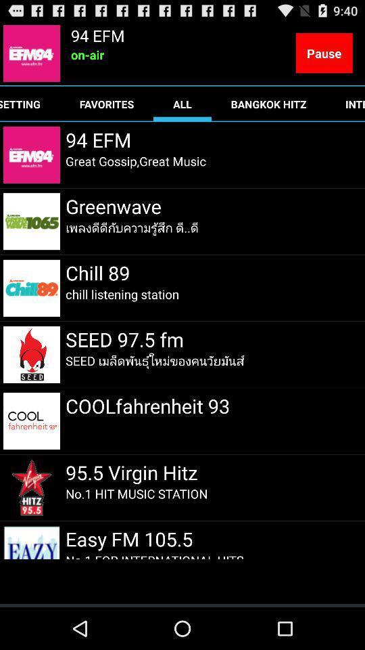 This screenshot has height=650, width=365. What do you see at coordinates (147, 406) in the screenshot?
I see `item above the 95 5 virgin app` at bounding box center [147, 406].